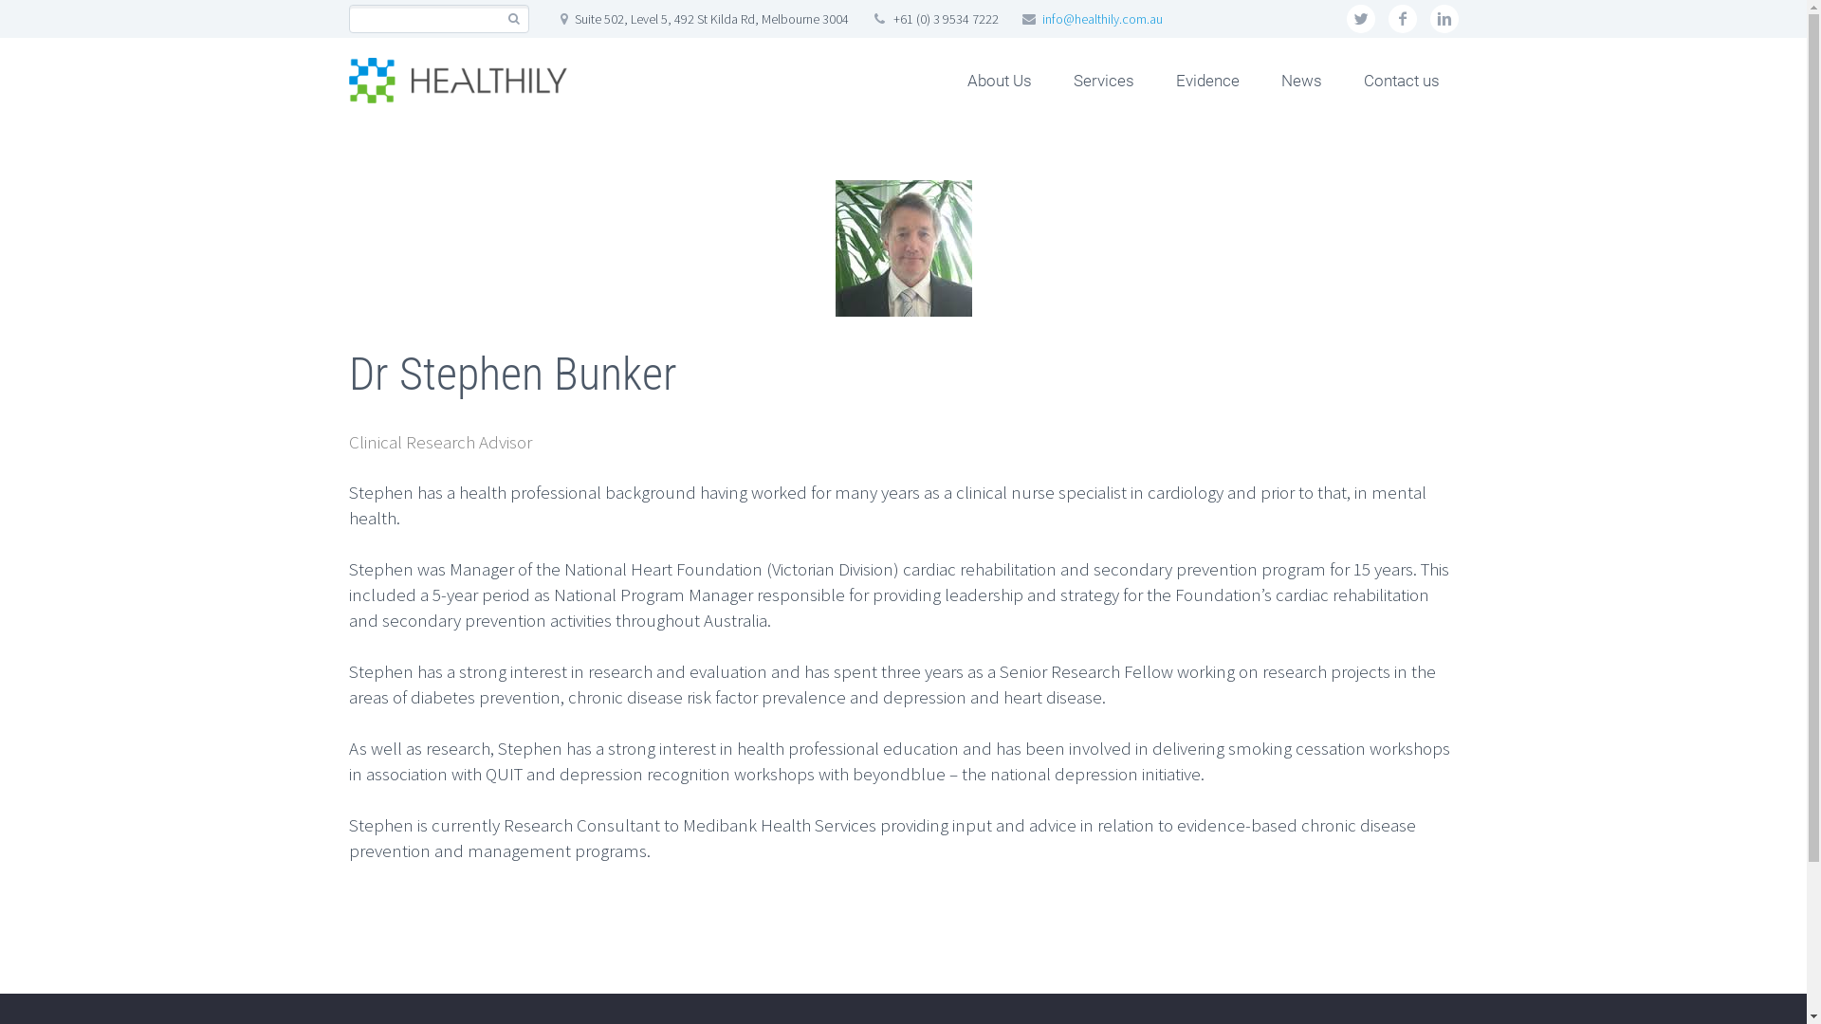 The image size is (1821, 1024). Describe the element at coordinates (1103, 79) in the screenshot. I see `'Services'` at that location.